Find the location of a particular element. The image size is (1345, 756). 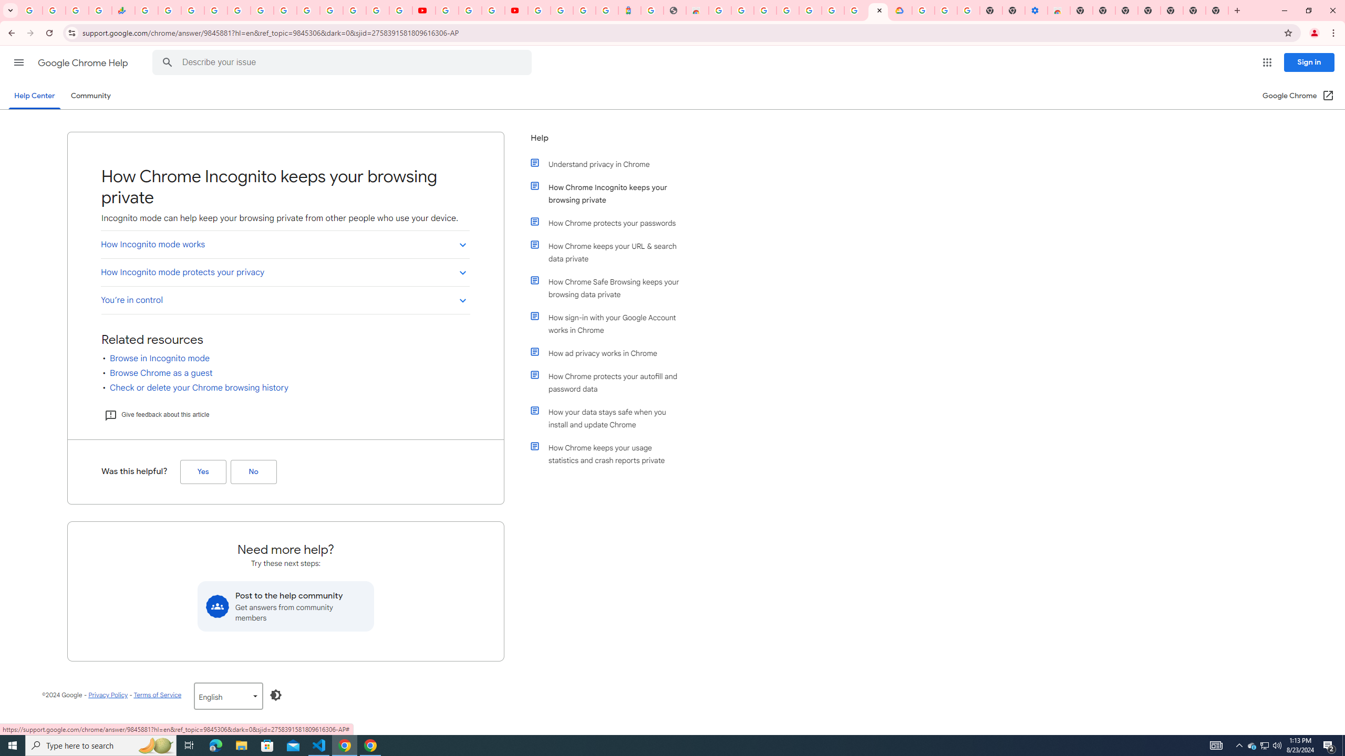

'Give feedback about this article' is located at coordinates (156, 414).